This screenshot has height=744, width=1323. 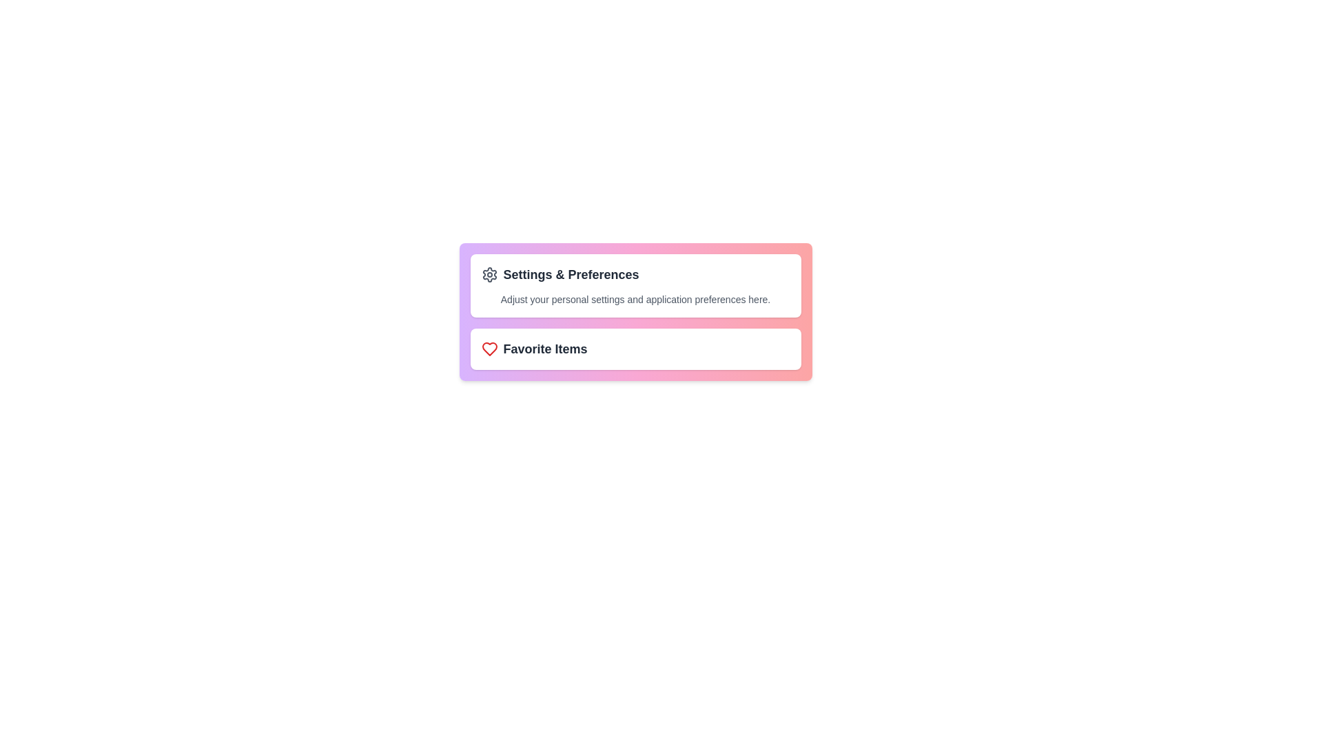 What do you see at coordinates (635, 274) in the screenshot?
I see `the Text with icon label that serves as the header of the settings panel to trigger additional details or tooltips` at bounding box center [635, 274].